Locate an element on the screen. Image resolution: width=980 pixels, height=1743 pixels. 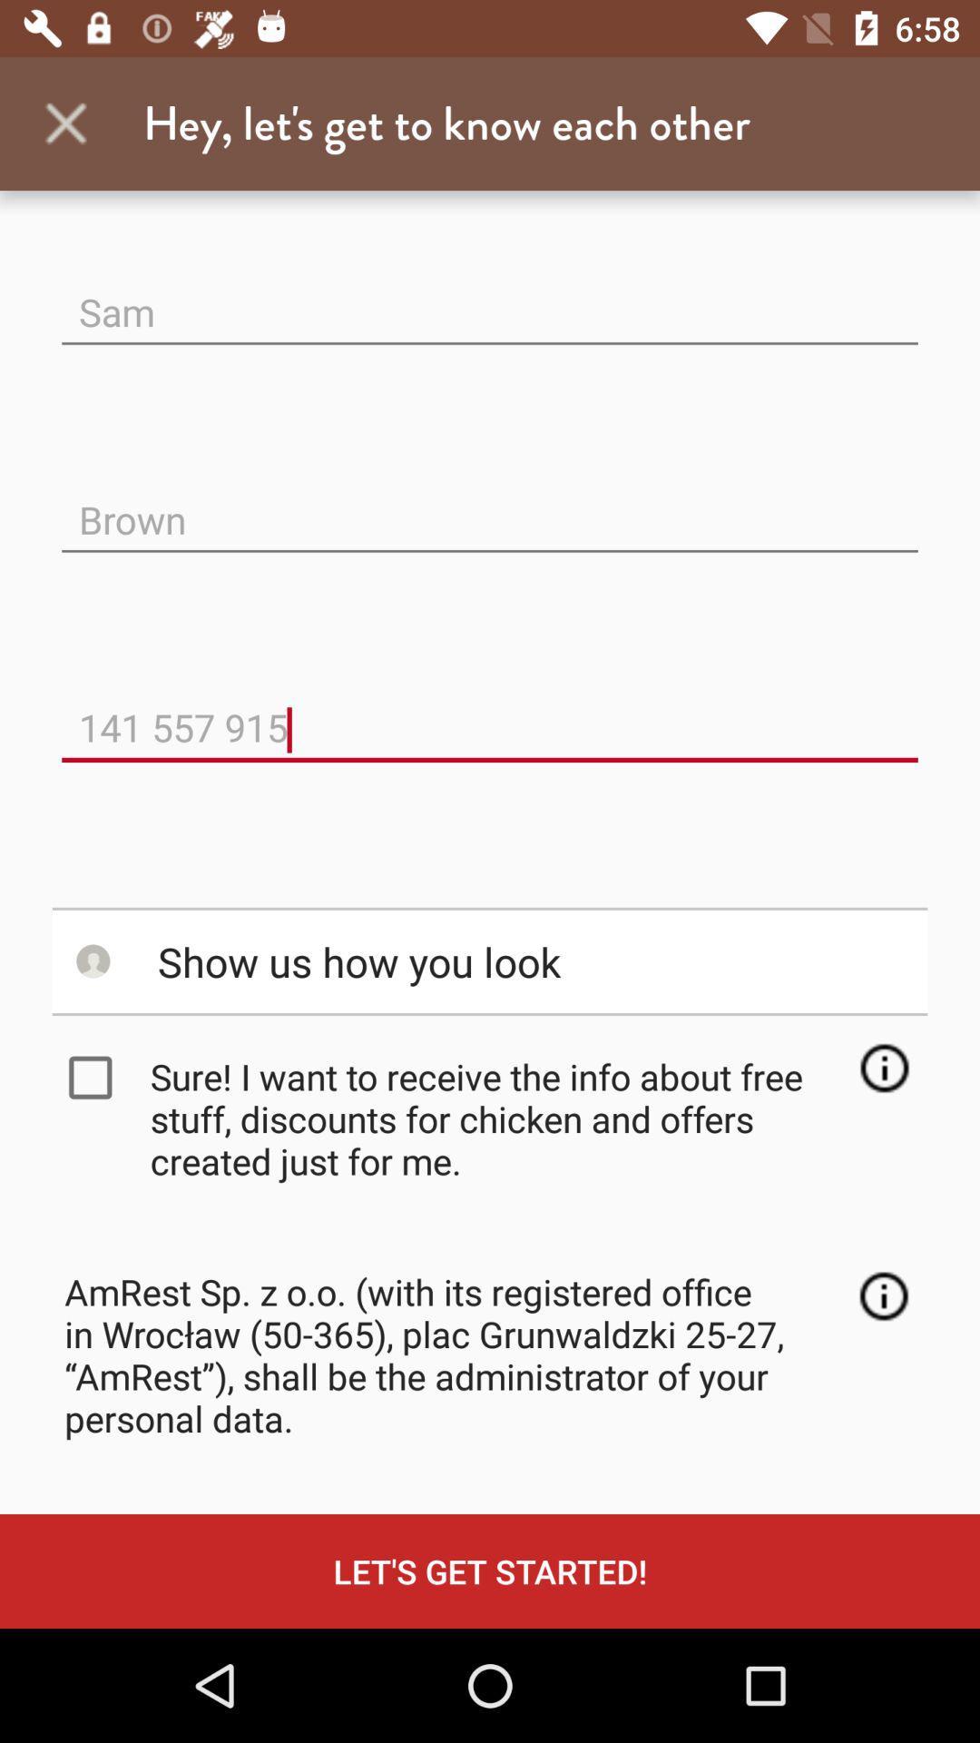
company information is located at coordinates (883, 1295).